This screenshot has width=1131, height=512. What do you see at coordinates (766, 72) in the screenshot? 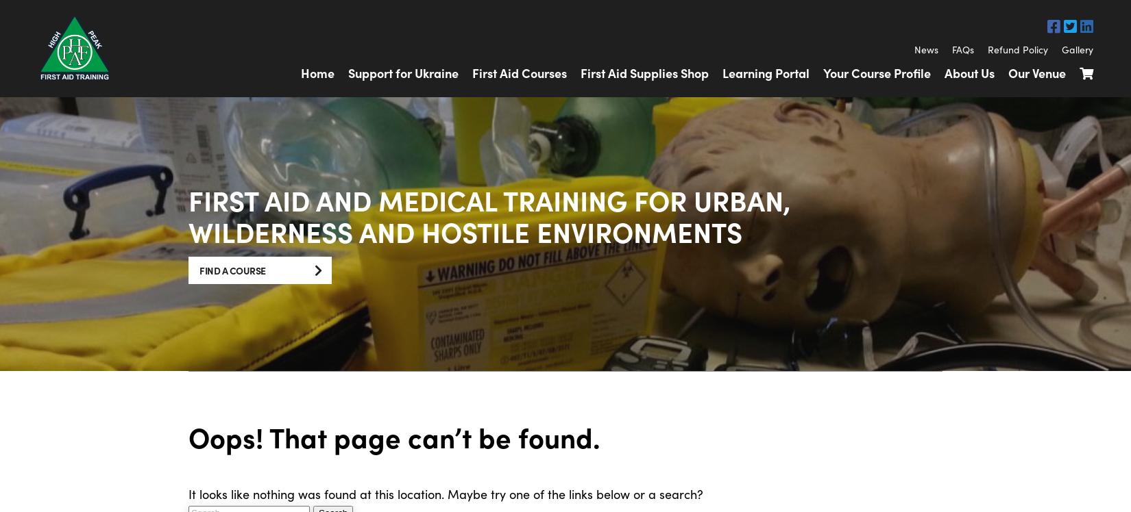
I see `'Learning Portal'` at bounding box center [766, 72].